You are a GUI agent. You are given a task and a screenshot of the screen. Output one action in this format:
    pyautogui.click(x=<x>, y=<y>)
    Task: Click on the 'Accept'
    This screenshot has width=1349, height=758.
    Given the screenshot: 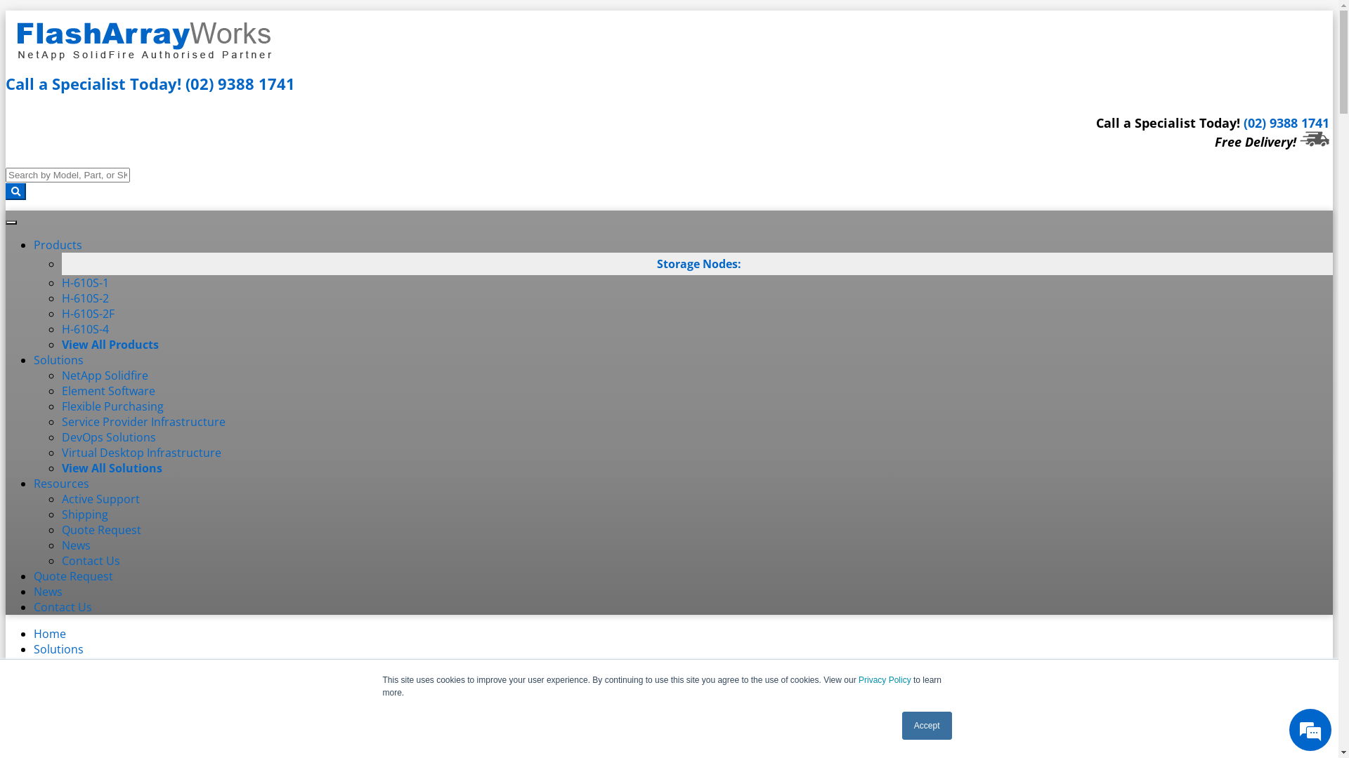 What is the action you would take?
    pyautogui.click(x=927, y=725)
    